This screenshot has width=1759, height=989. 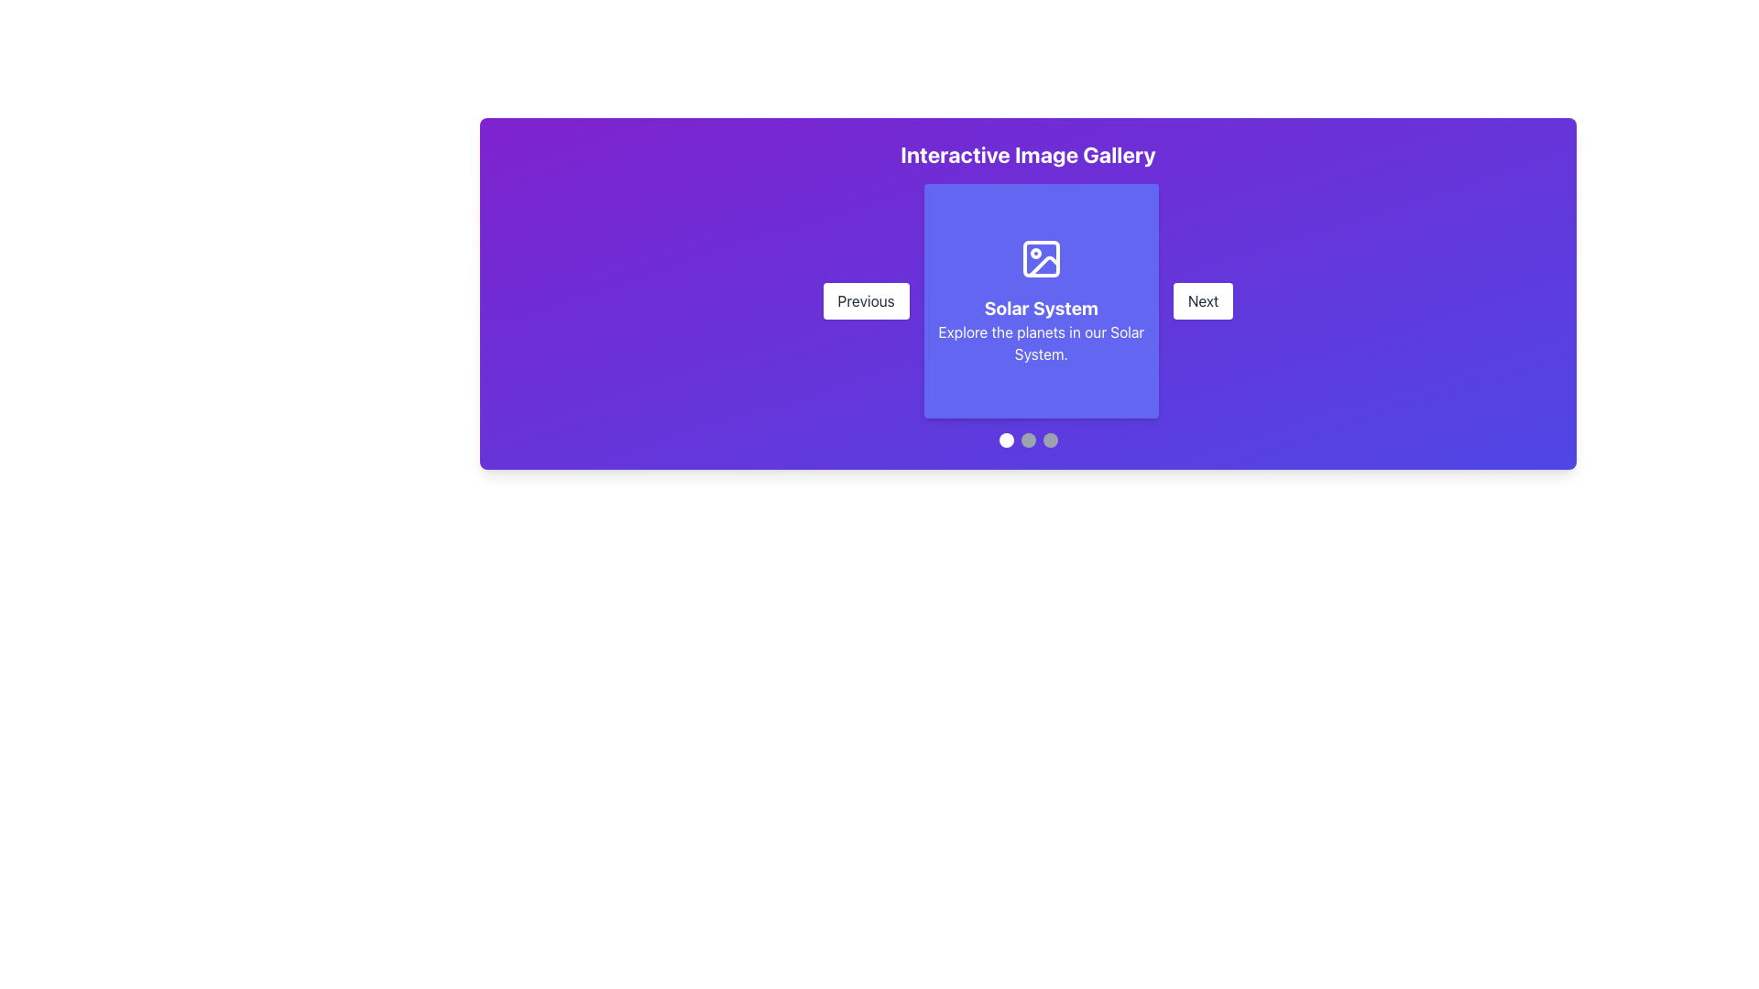 What do you see at coordinates (1041, 258) in the screenshot?
I see `the blue-purple square icon with rounded corners, located centrally above the 'Solar System' text within the card layout` at bounding box center [1041, 258].